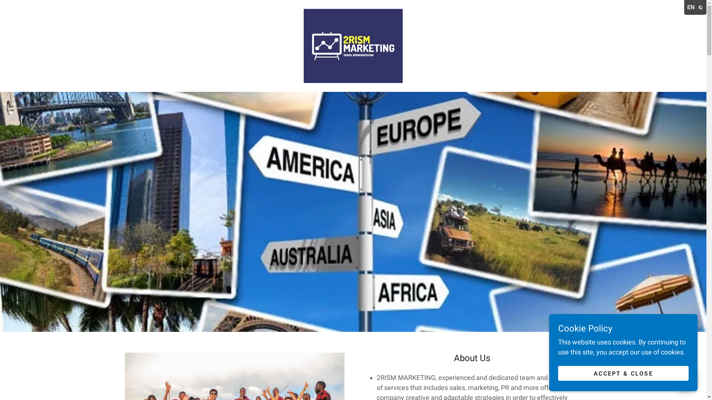 The image size is (712, 400). I want to click on 'Travel Representation', so click(353, 45).